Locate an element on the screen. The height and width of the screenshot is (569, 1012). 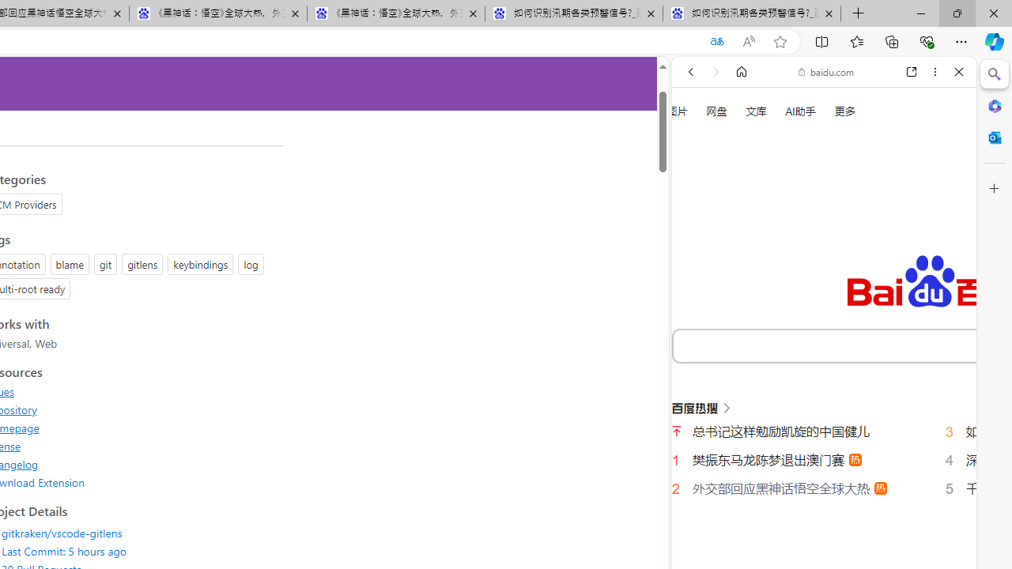
'Search Filter, VIDEOS' is located at coordinates (795, 267).